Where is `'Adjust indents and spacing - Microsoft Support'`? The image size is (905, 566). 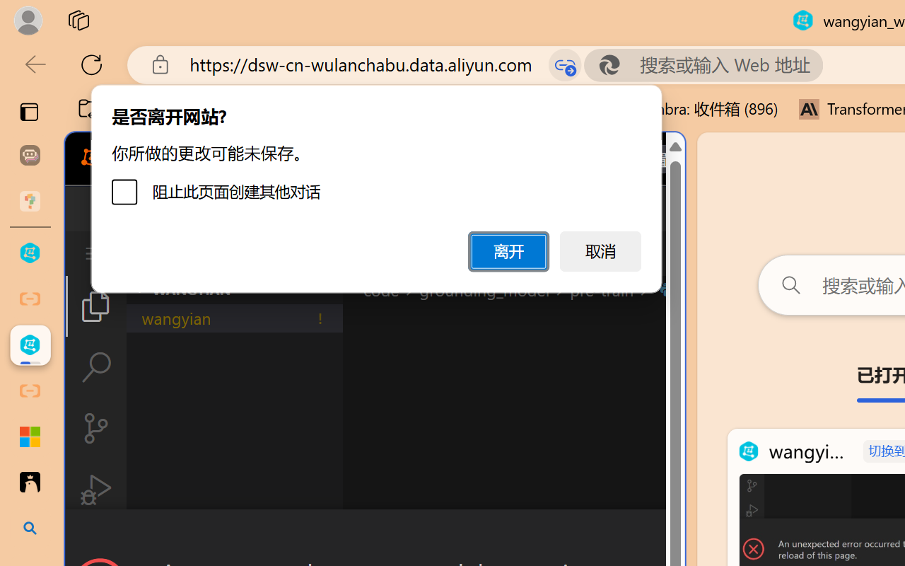
'Adjust indents and spacing - Microsoft Support' is located at coordinates (30, 437).